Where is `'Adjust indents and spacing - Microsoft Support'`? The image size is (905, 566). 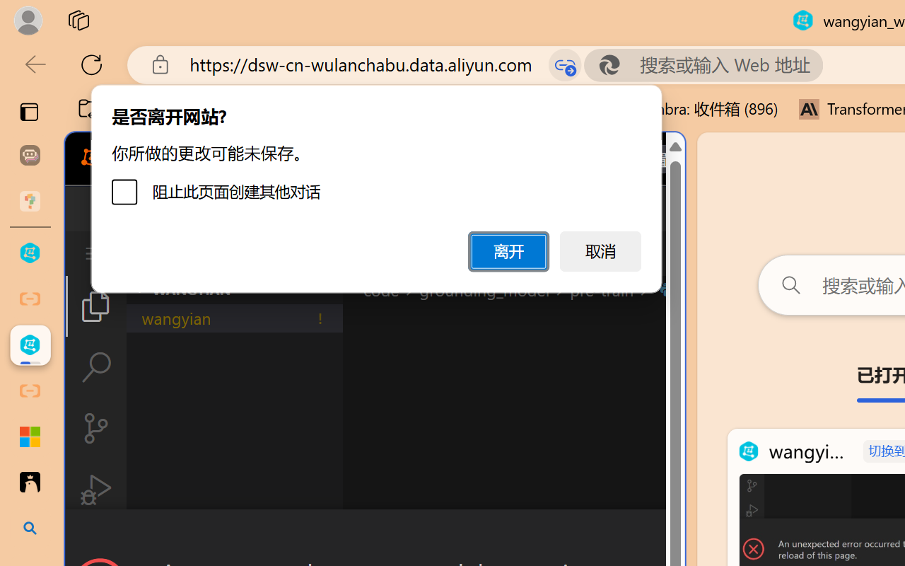
'Adjust indents and spacing - Microsoft Support' is located at coordinates (30, 437).